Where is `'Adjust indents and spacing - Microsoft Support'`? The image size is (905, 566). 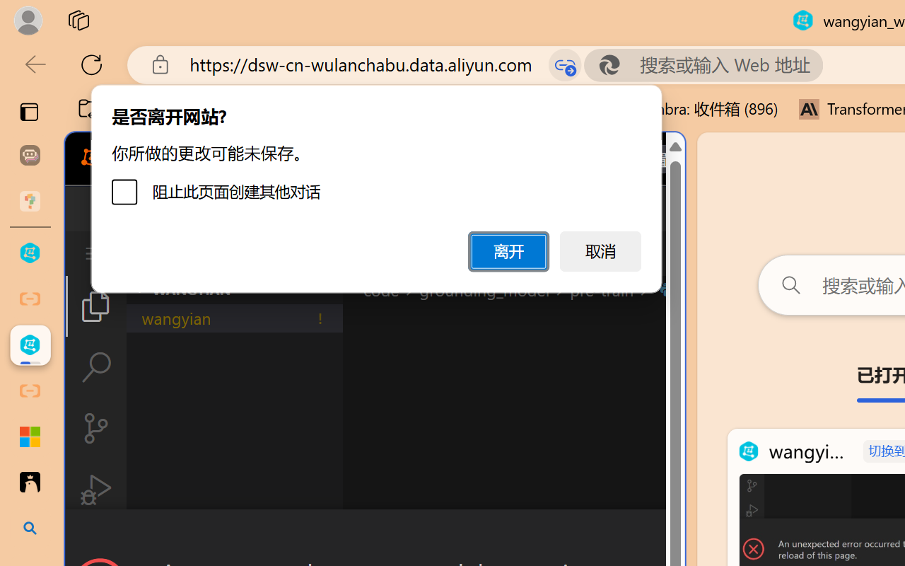
'Adjust indents and spacing - Microsoft Support' is located at coordinates (30, 437).